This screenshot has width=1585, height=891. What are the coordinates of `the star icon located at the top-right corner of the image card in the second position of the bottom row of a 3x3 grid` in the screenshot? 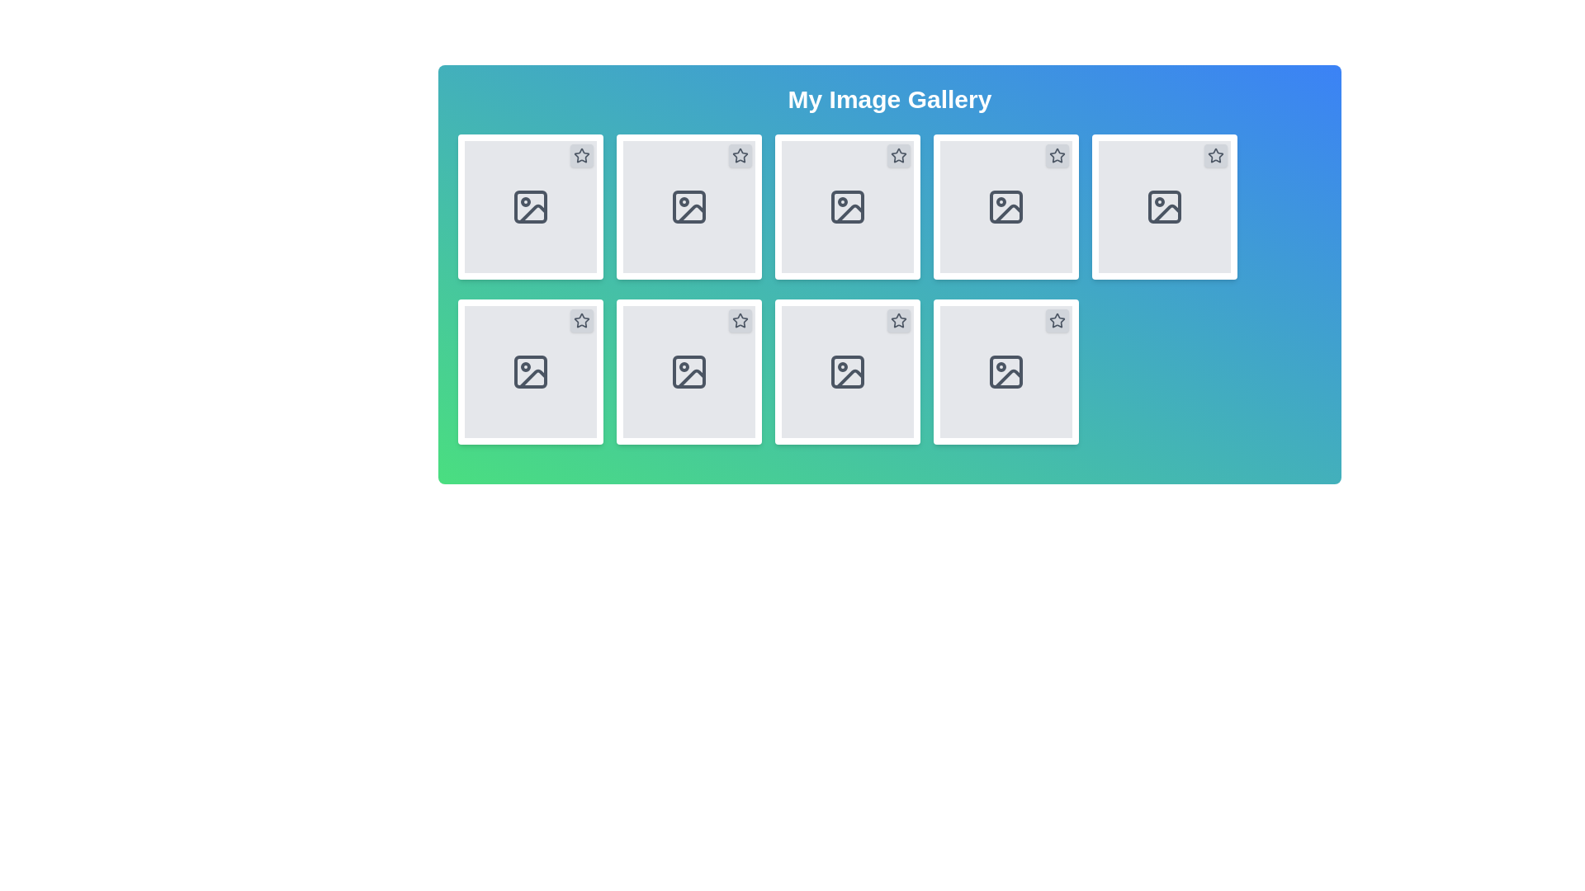 It's located at (898, 321).